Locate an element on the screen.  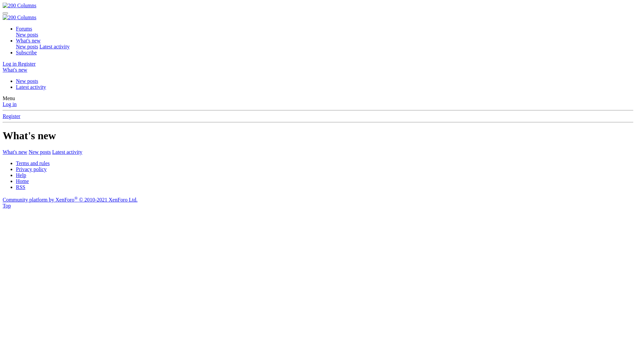
'Subscribe' is located at coordinates (26, 52).